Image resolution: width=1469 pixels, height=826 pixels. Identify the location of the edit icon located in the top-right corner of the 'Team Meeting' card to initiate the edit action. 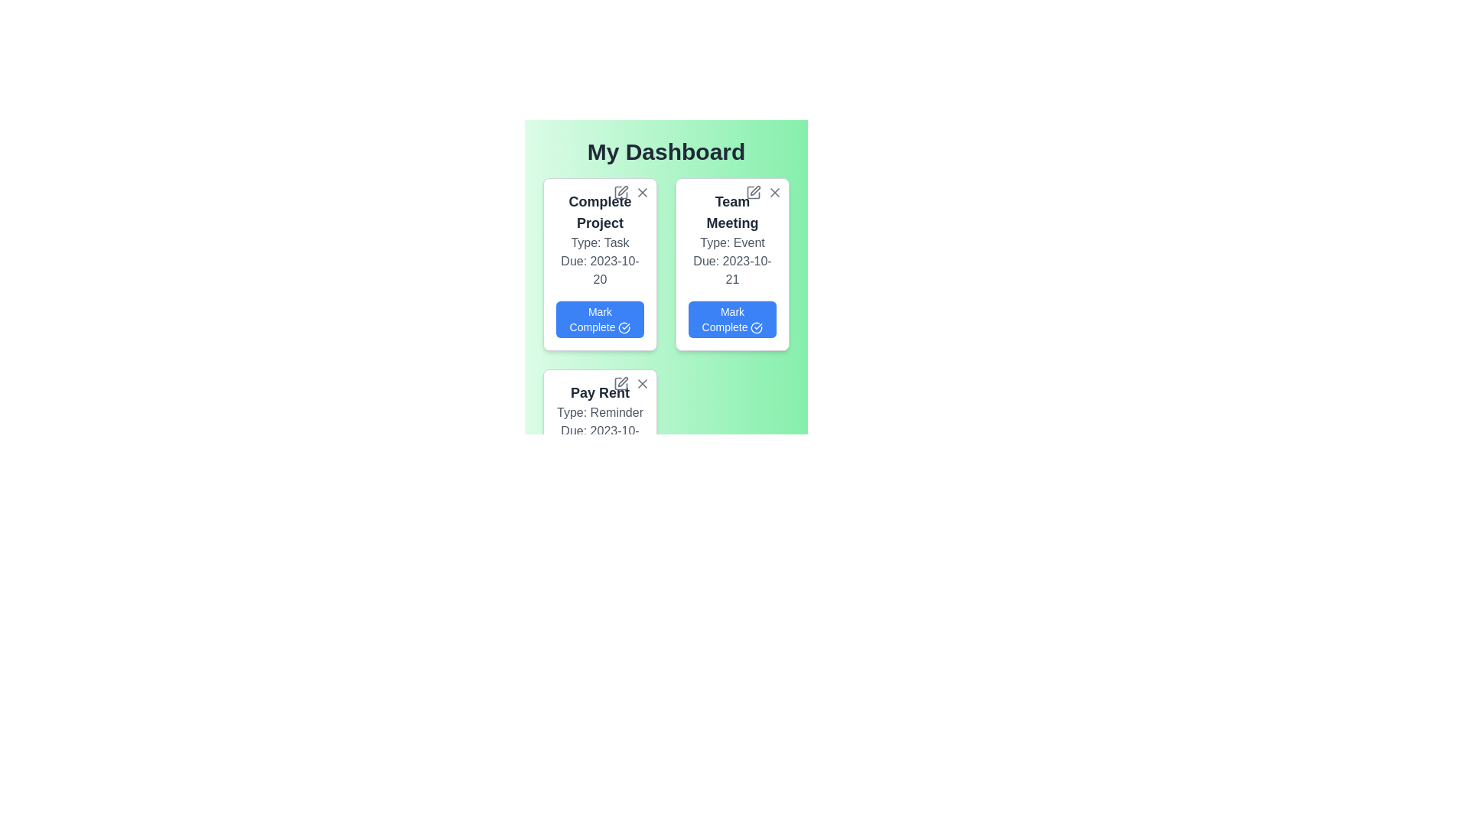
(755, 190).